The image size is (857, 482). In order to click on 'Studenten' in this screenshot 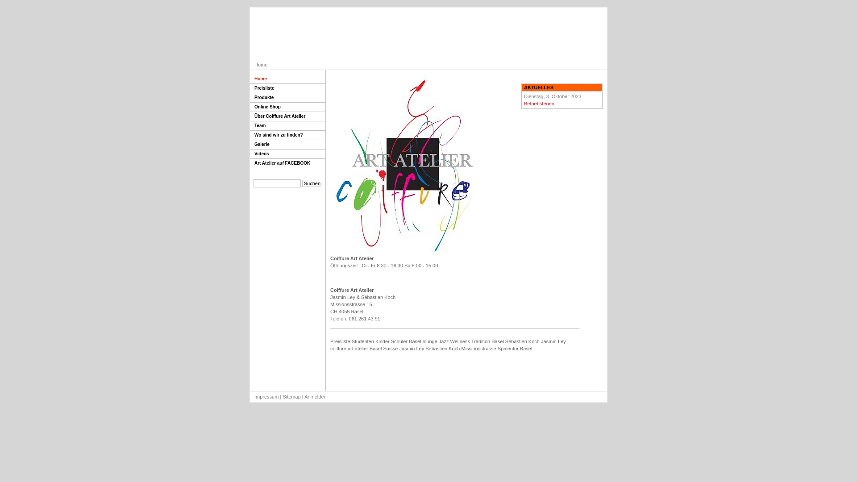, I will do `click(362, 341)`.